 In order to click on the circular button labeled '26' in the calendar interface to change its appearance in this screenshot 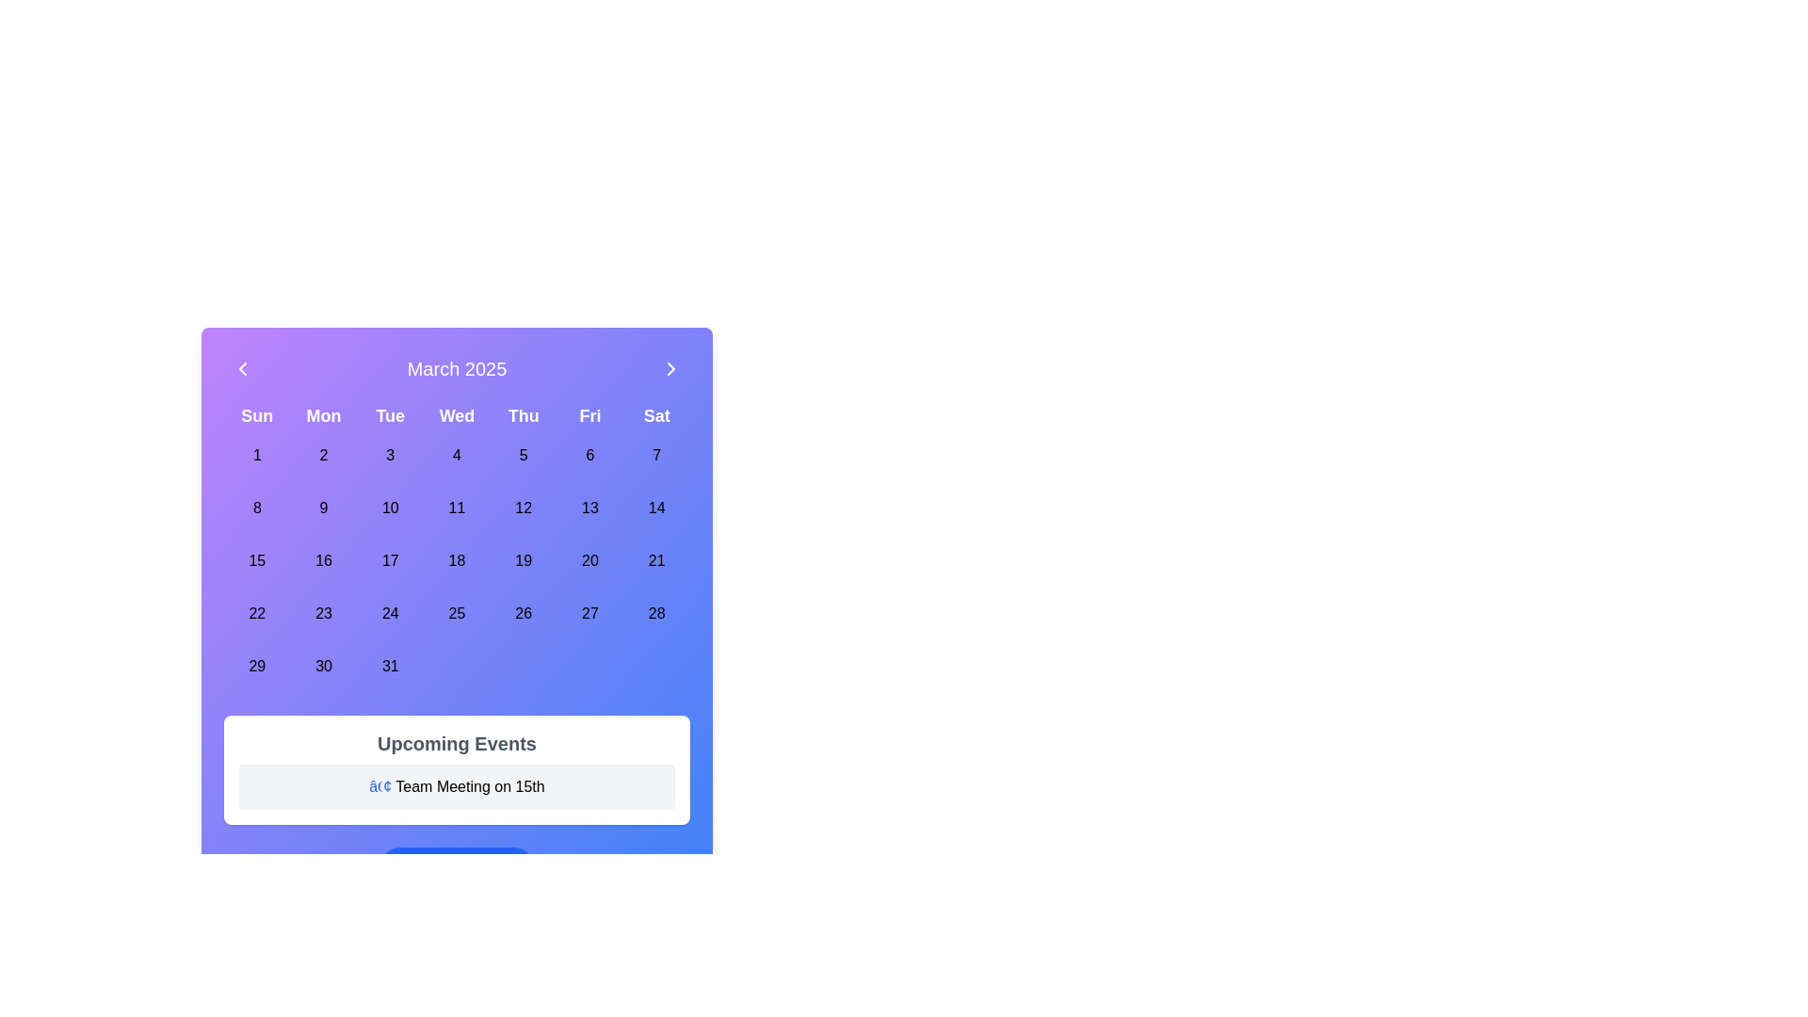, I will do `click(524, 613)`.